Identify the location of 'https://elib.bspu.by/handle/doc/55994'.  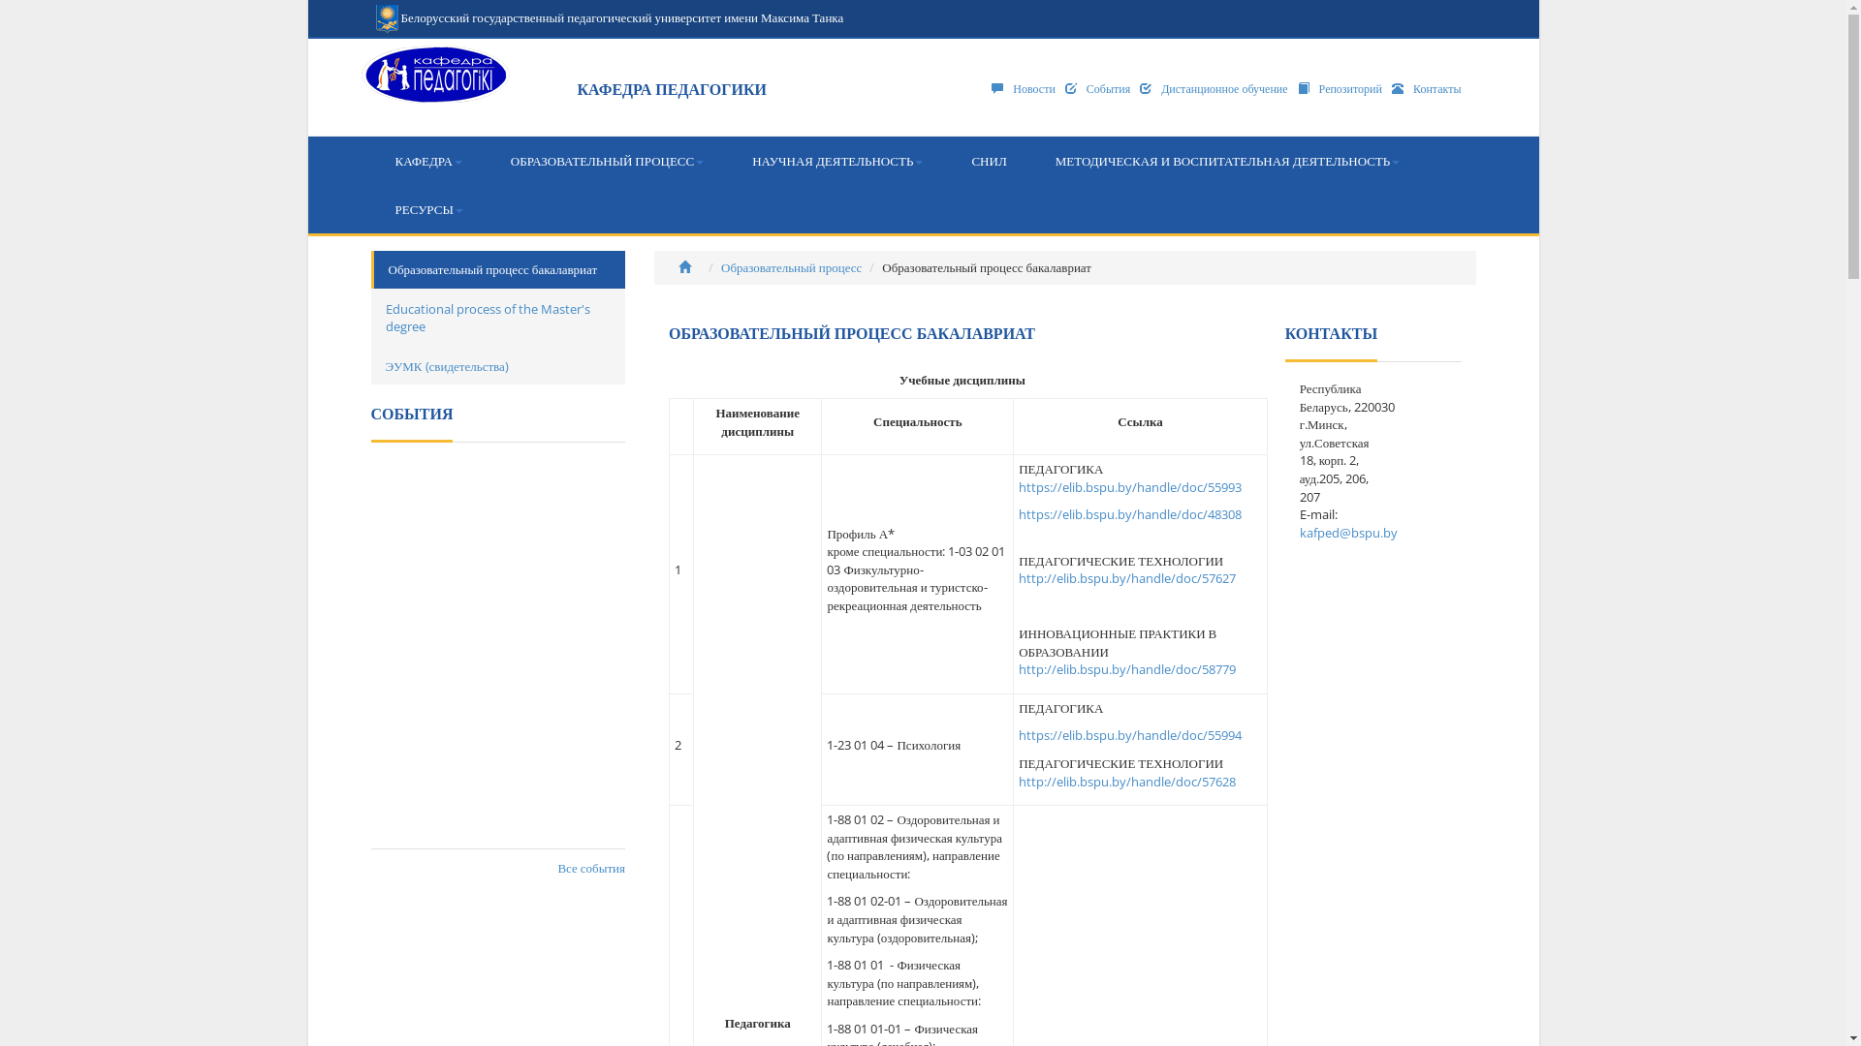
(1130, 735).